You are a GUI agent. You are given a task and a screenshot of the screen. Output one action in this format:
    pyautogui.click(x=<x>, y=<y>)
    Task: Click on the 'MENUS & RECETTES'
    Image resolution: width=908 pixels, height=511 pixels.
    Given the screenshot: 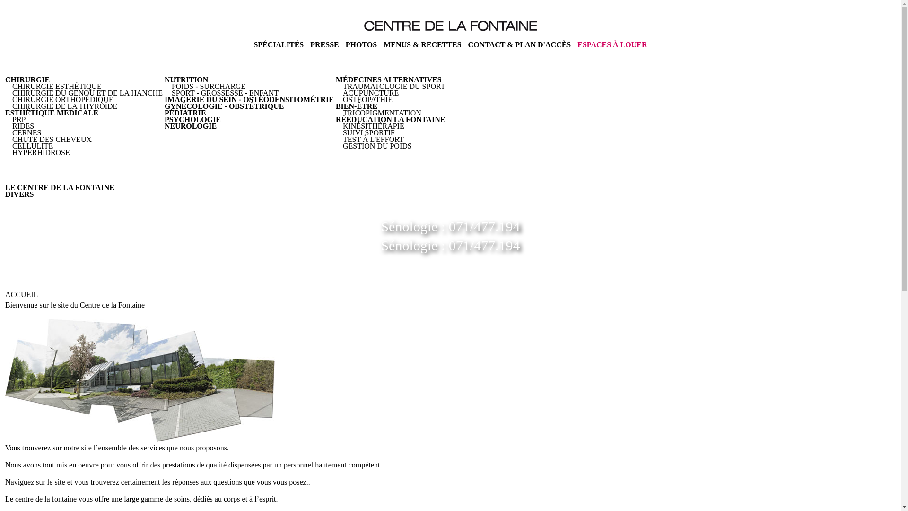 What is the action you would take?
    pyautogui.click(x=421, y=44)
    